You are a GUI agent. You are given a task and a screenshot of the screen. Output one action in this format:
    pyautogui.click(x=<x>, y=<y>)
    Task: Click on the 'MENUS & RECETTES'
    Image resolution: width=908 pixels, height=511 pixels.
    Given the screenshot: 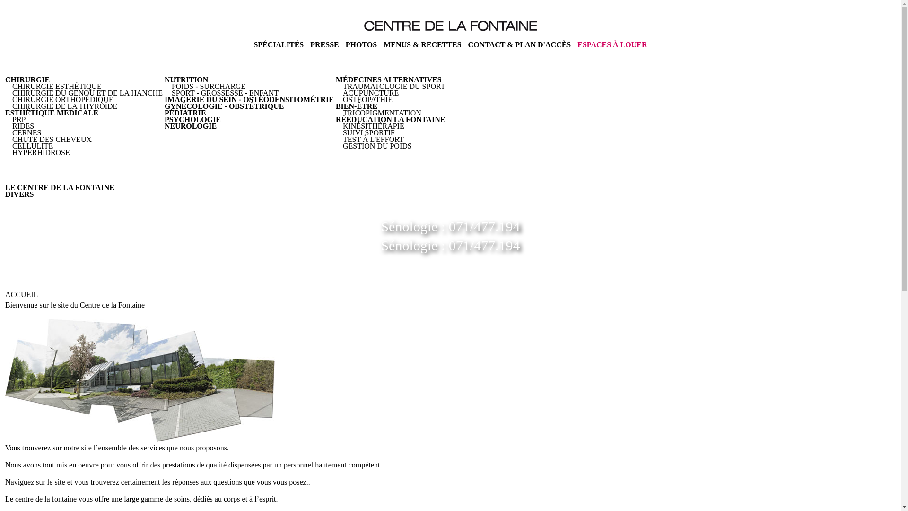 What is the action you would take?
    pyautogui.click(x=421, y=44)
    